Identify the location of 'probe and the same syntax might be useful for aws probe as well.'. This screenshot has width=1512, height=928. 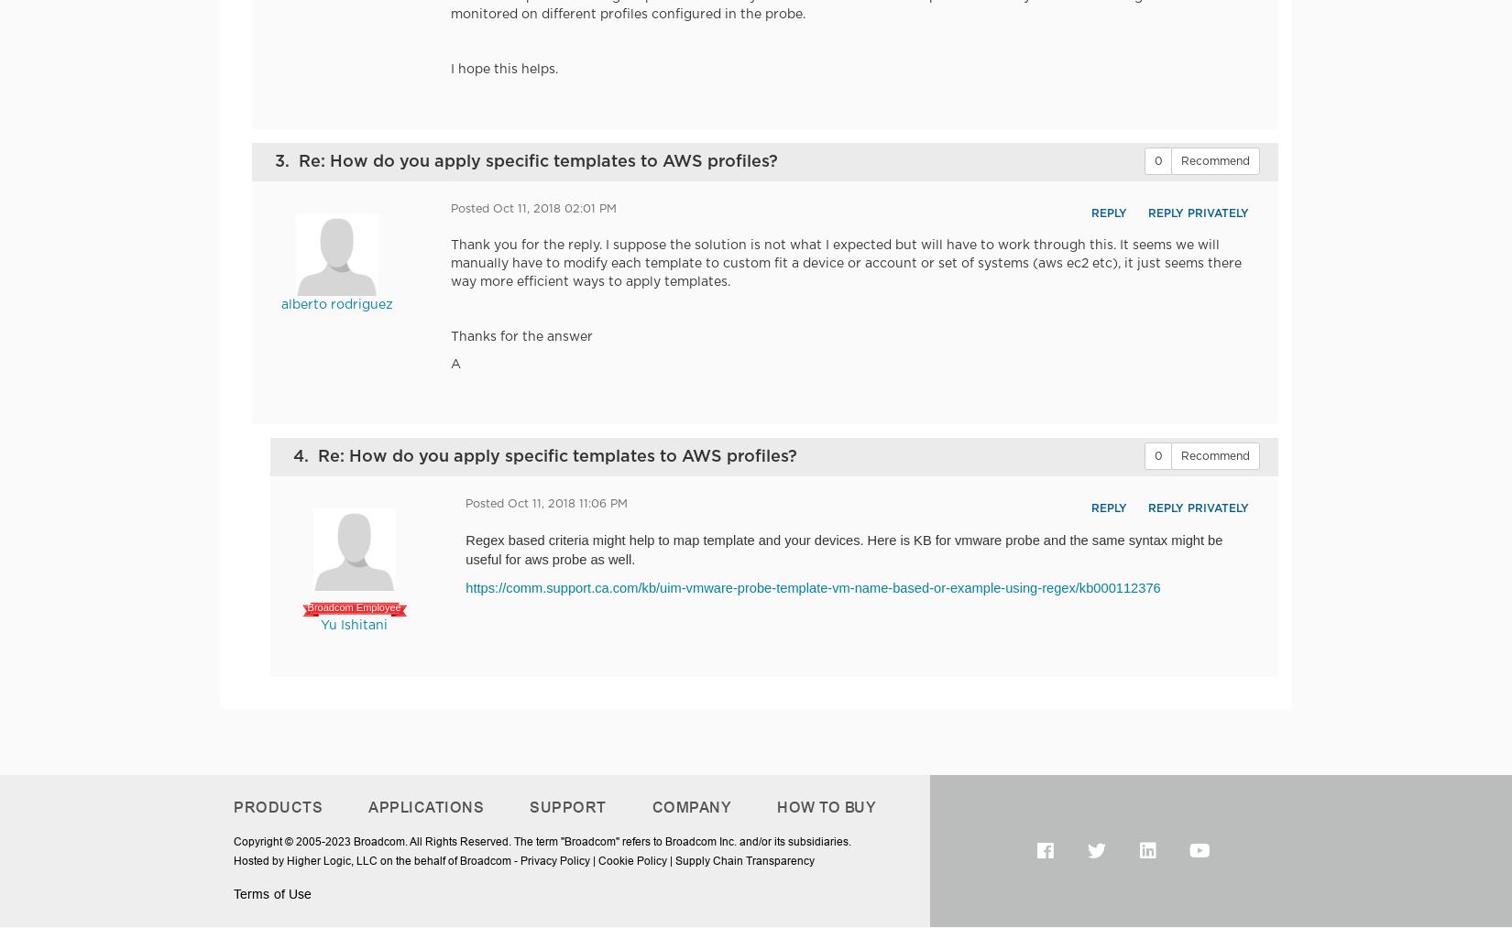
(844, 549).